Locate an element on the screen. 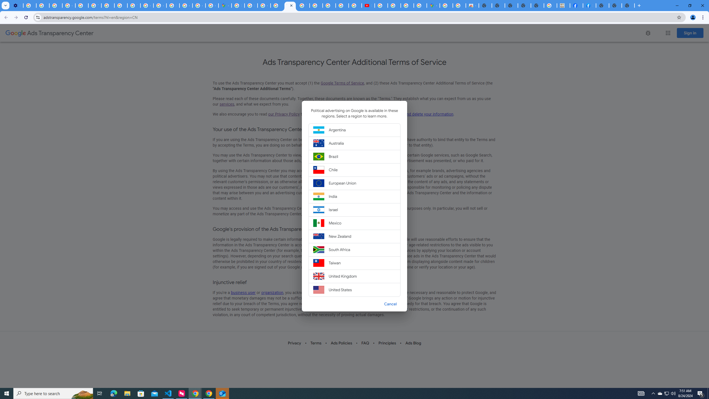 This screenshot has height=399, width=709. 'Chrome Web Store - Shopping' is located at coordinates (472, 5).